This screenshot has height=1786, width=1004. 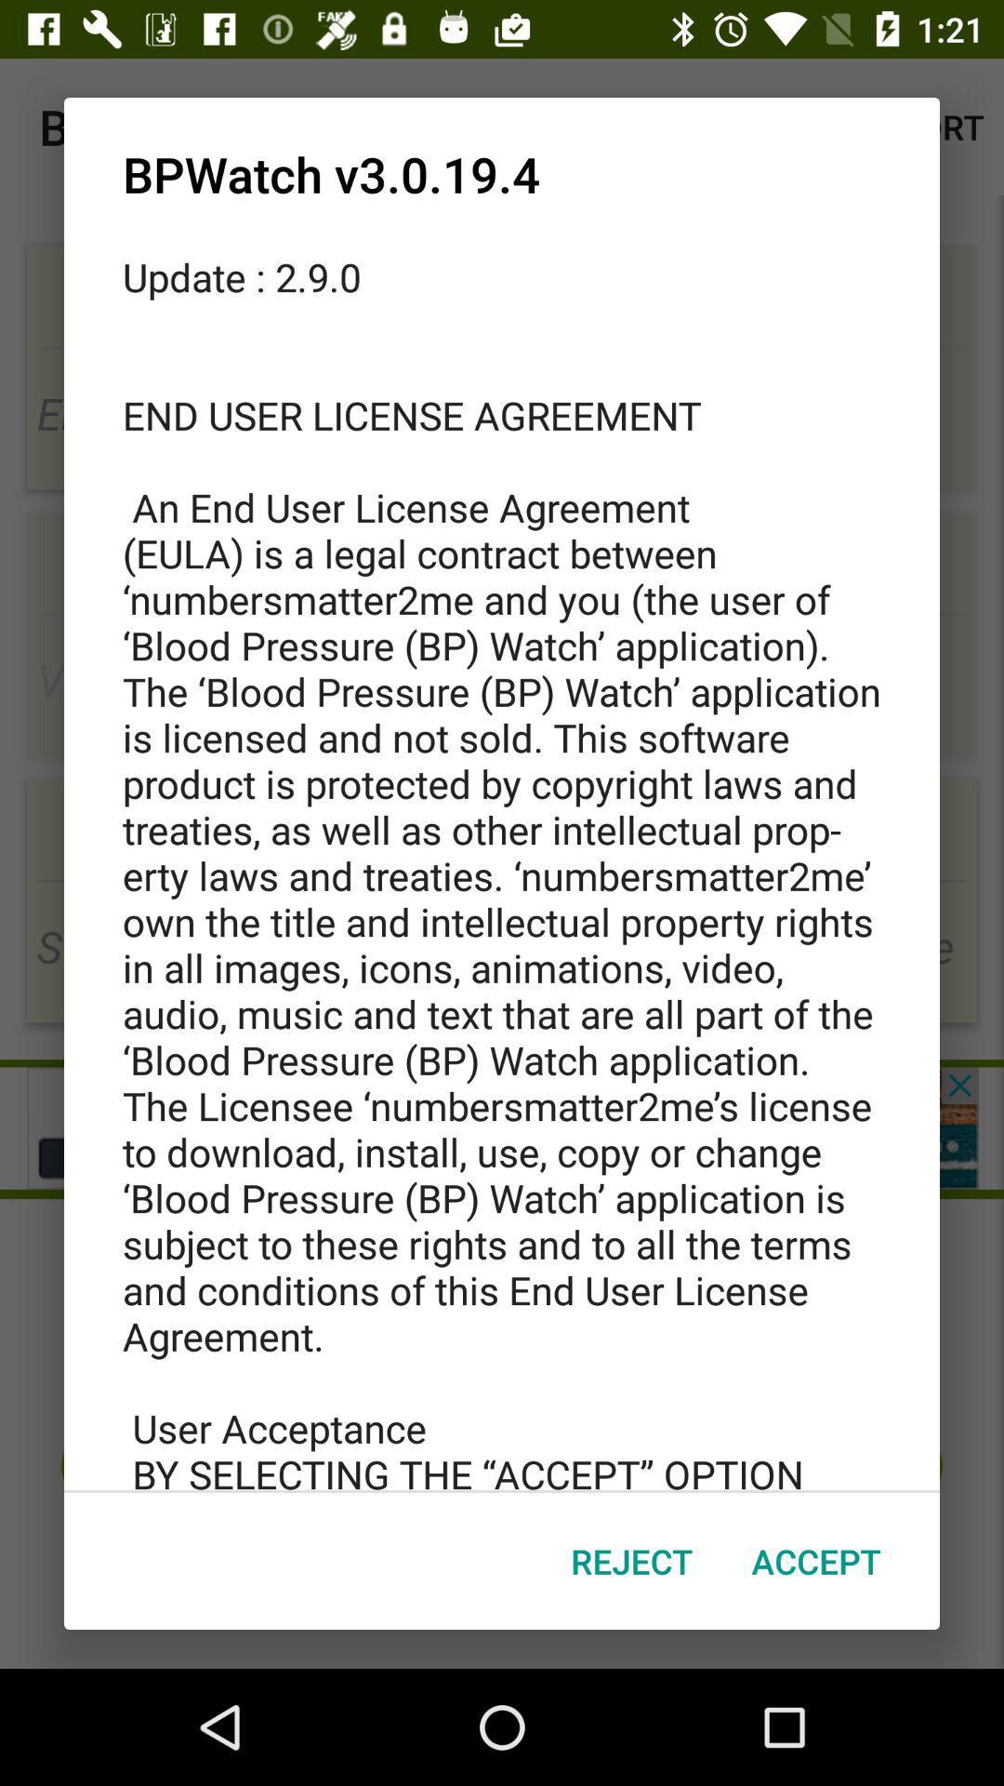 What do you see at coordinates (815, 1561) in the screenshot?
I see `the icon below update 2 9 icon` at bounding box center [815, 1561].